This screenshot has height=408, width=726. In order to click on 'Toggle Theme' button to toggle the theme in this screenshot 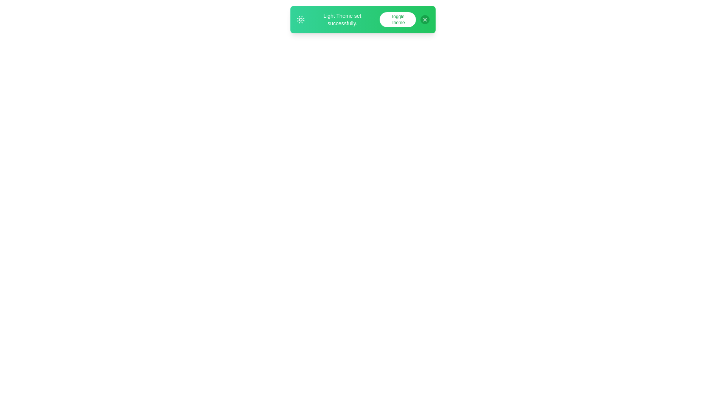, I will do `click(397, 19)`.